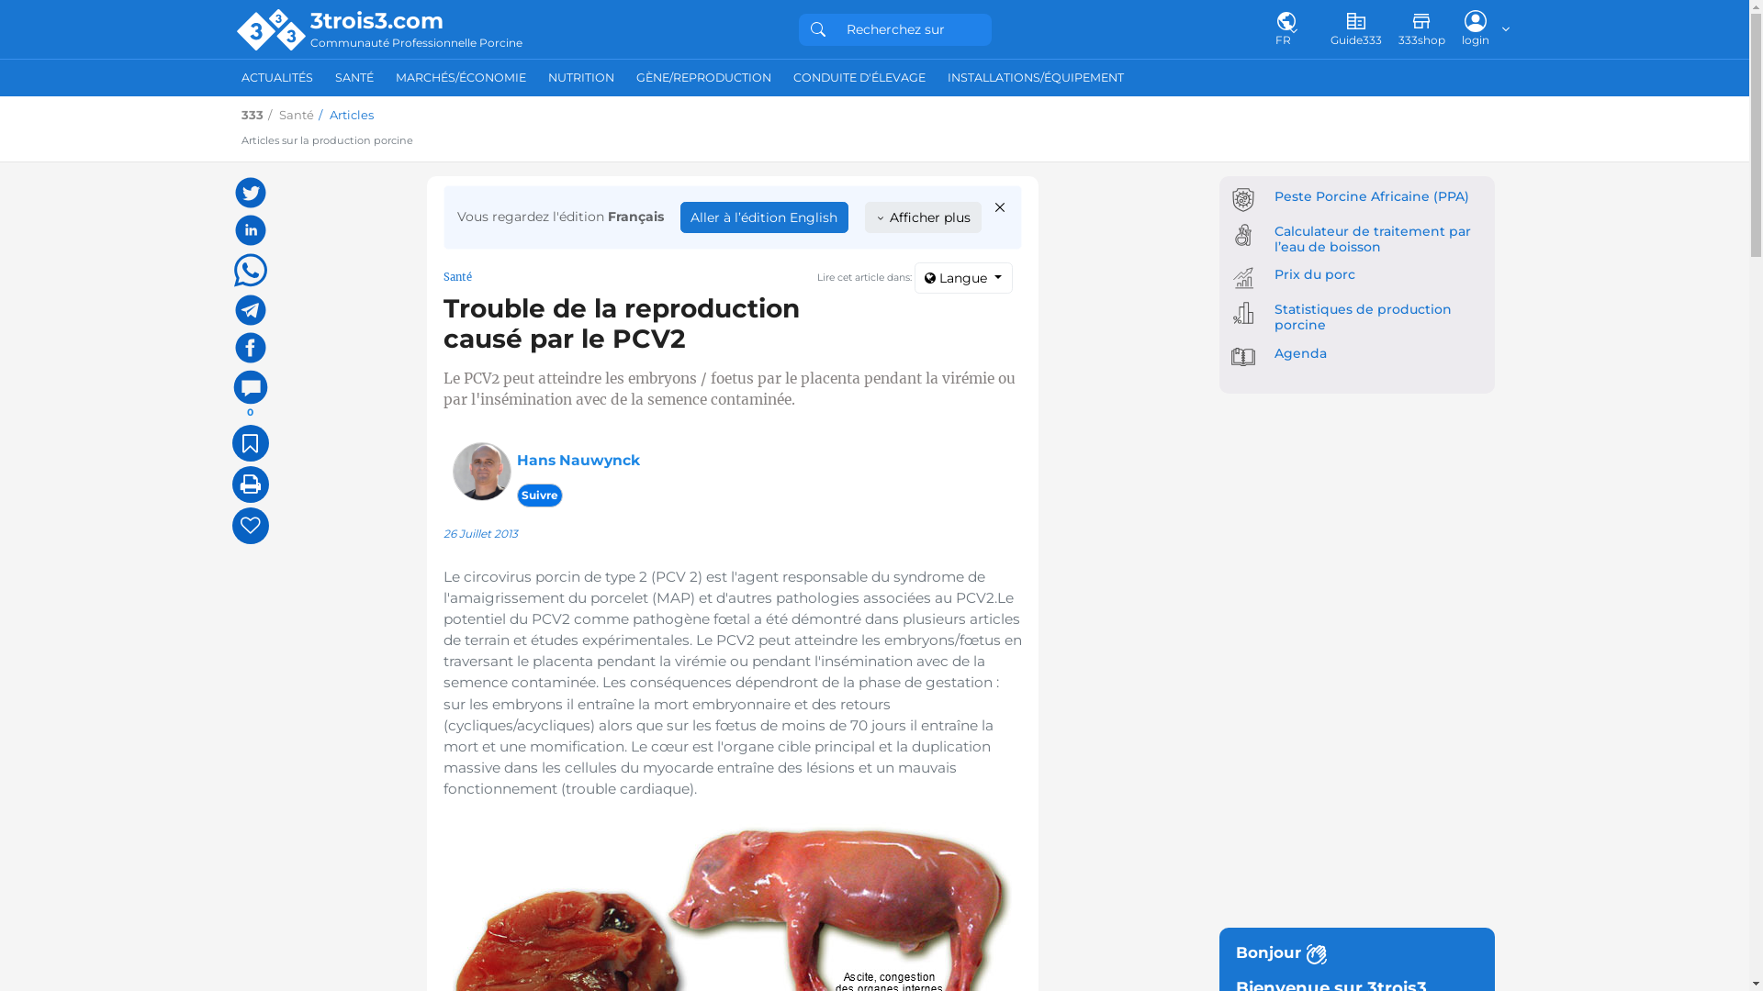  Describe the element at coordinates (1355, 28) in the screenshot. I see `'Guide333'` at that location.